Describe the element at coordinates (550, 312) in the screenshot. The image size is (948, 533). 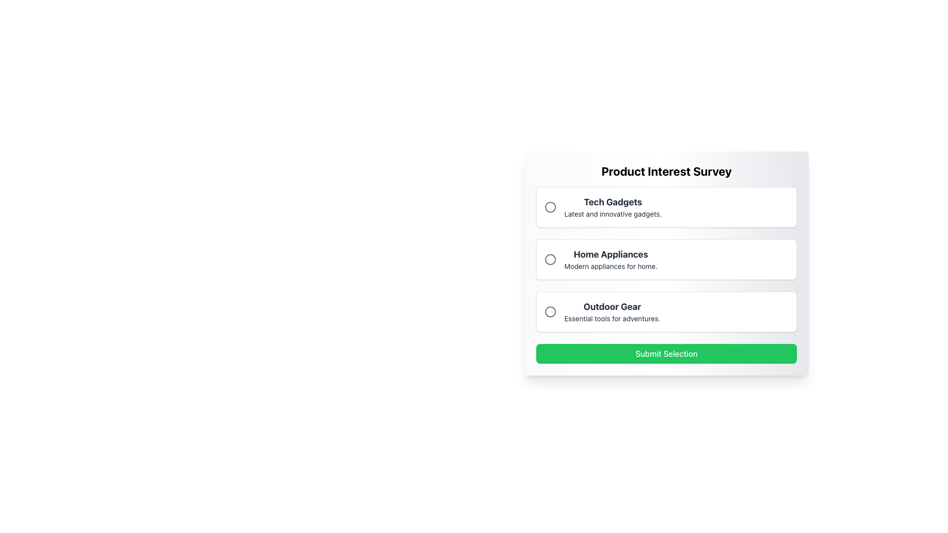
I see `the SVG circle that is part of the 'Outdoor Gear' icon in the third option of the survey form` at that location.